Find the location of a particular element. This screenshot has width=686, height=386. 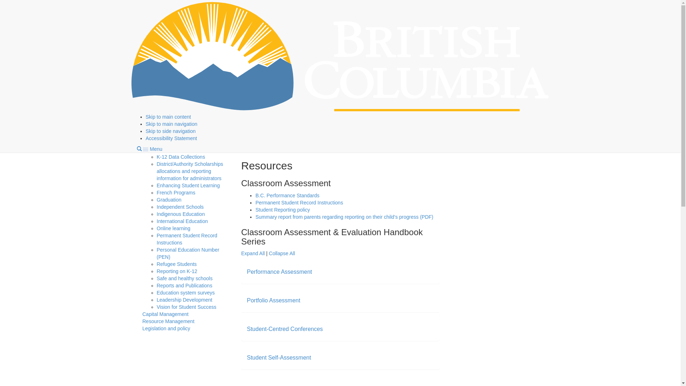

'Kindergarten to Grade 12' is located at coordinates (249, 6).